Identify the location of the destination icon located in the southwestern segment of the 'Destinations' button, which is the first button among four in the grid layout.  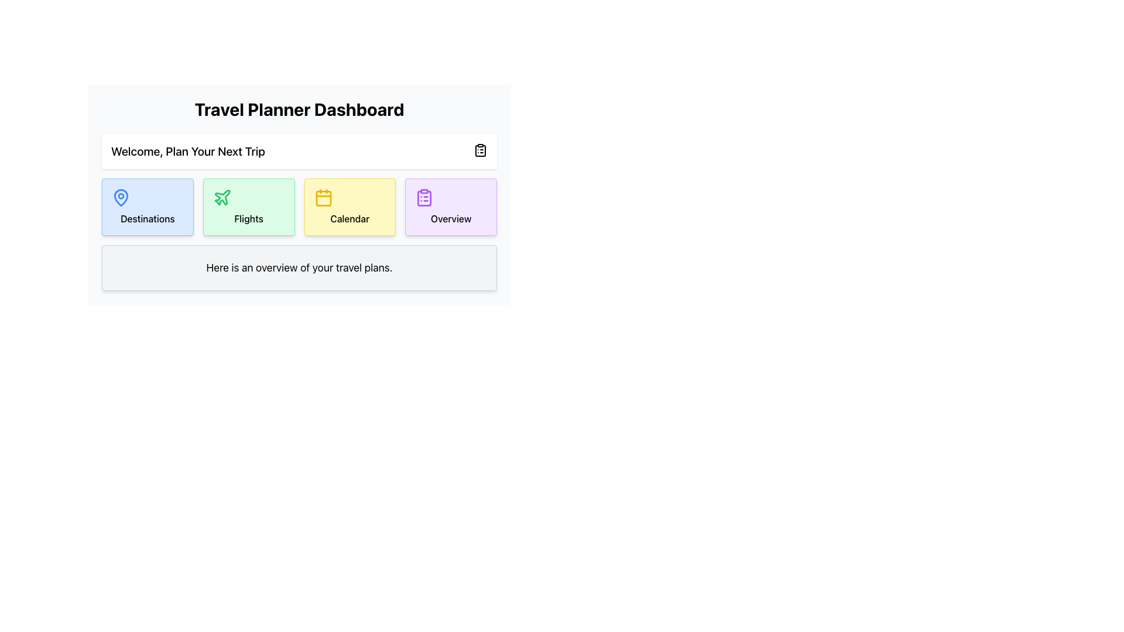
(121, 197).